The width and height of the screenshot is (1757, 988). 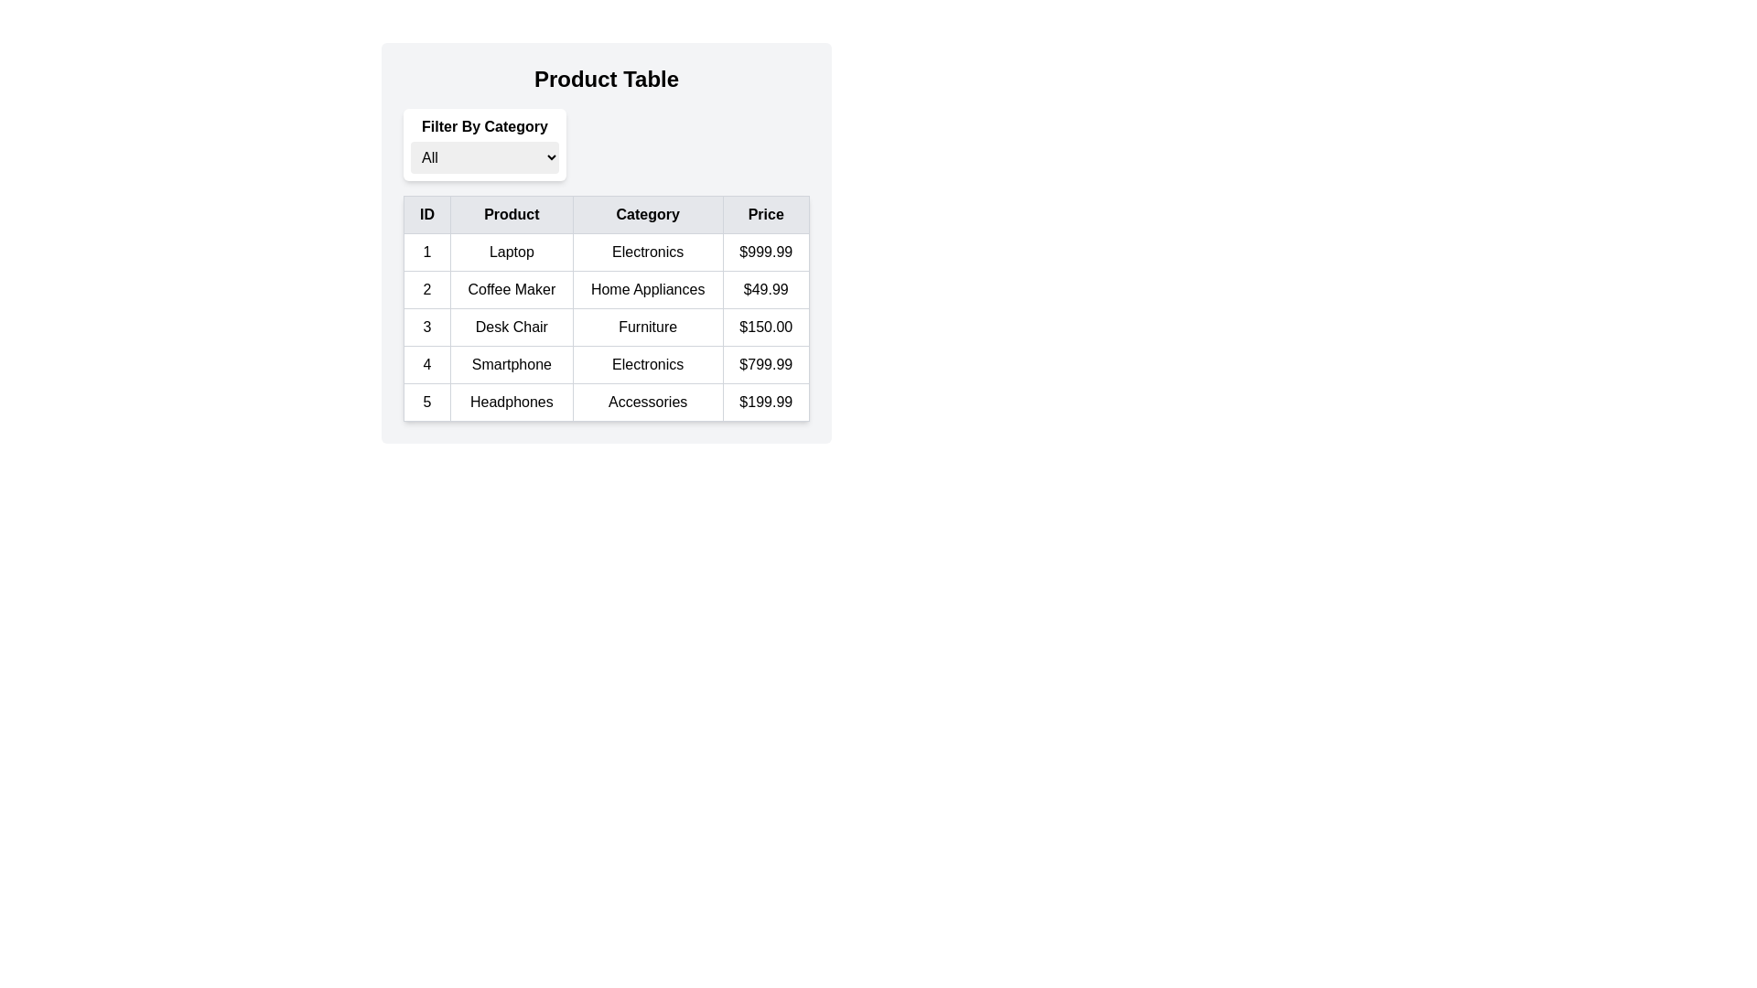 What do you see at coordinates (426, 288) in the screenshot?
I see `the Table Cell in the second row of the table that displays the identifier for the corresponding row, located in the 'ID' column` at bounding box center [426, 288].